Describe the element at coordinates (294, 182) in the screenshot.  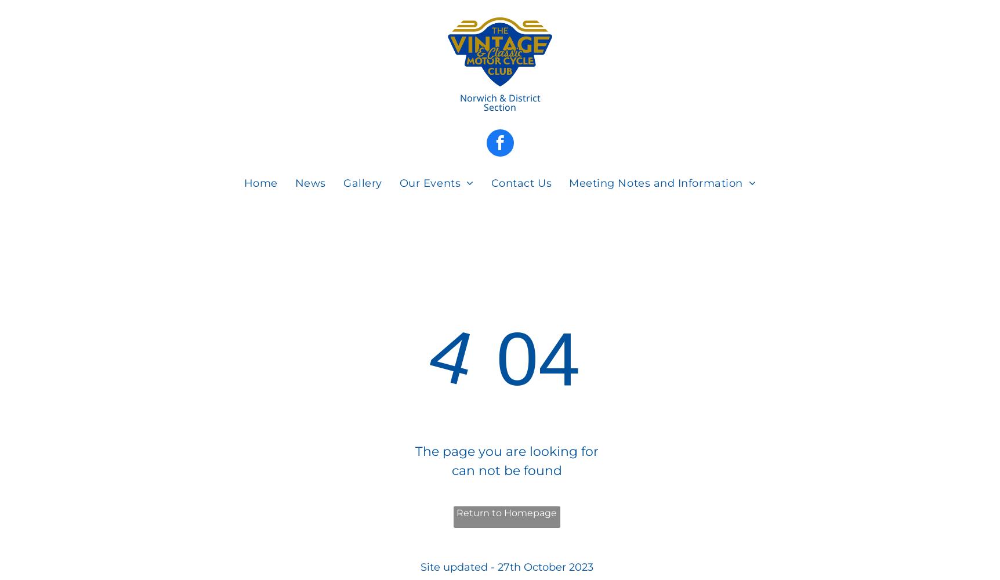
I see `'News'` at that location.